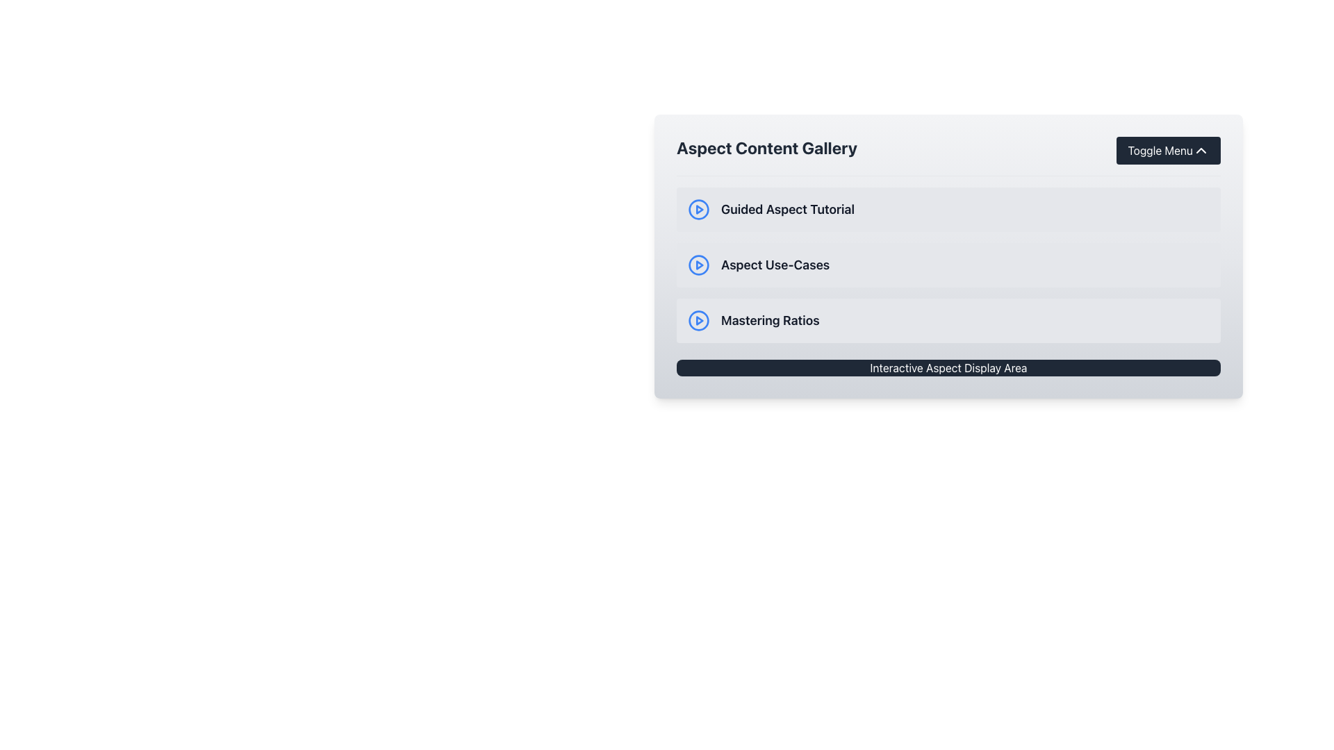 The width and height of the screenshot is (1334, 750). What do you see at coordinates (700, 209) in the screenshot?
I see `SVG Icon that serves as a visual indicator for initiating the 'Guided Aspect Tutorial', located near the top left quadrant of the interface adjacent to the label` at bounding box center [700, 209].